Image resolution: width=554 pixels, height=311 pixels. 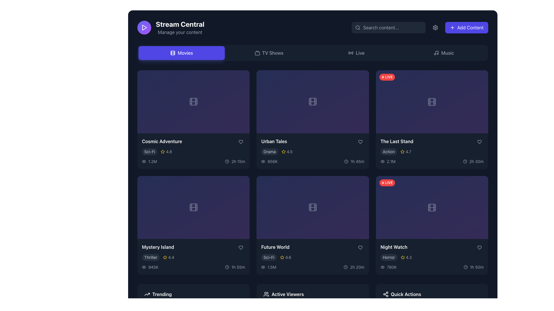 I want to click on the numeric text label displaying the rating value '4.6' located adjacent to the yellow star icon in the 'Future World' content card, so click(x=288, y=257).